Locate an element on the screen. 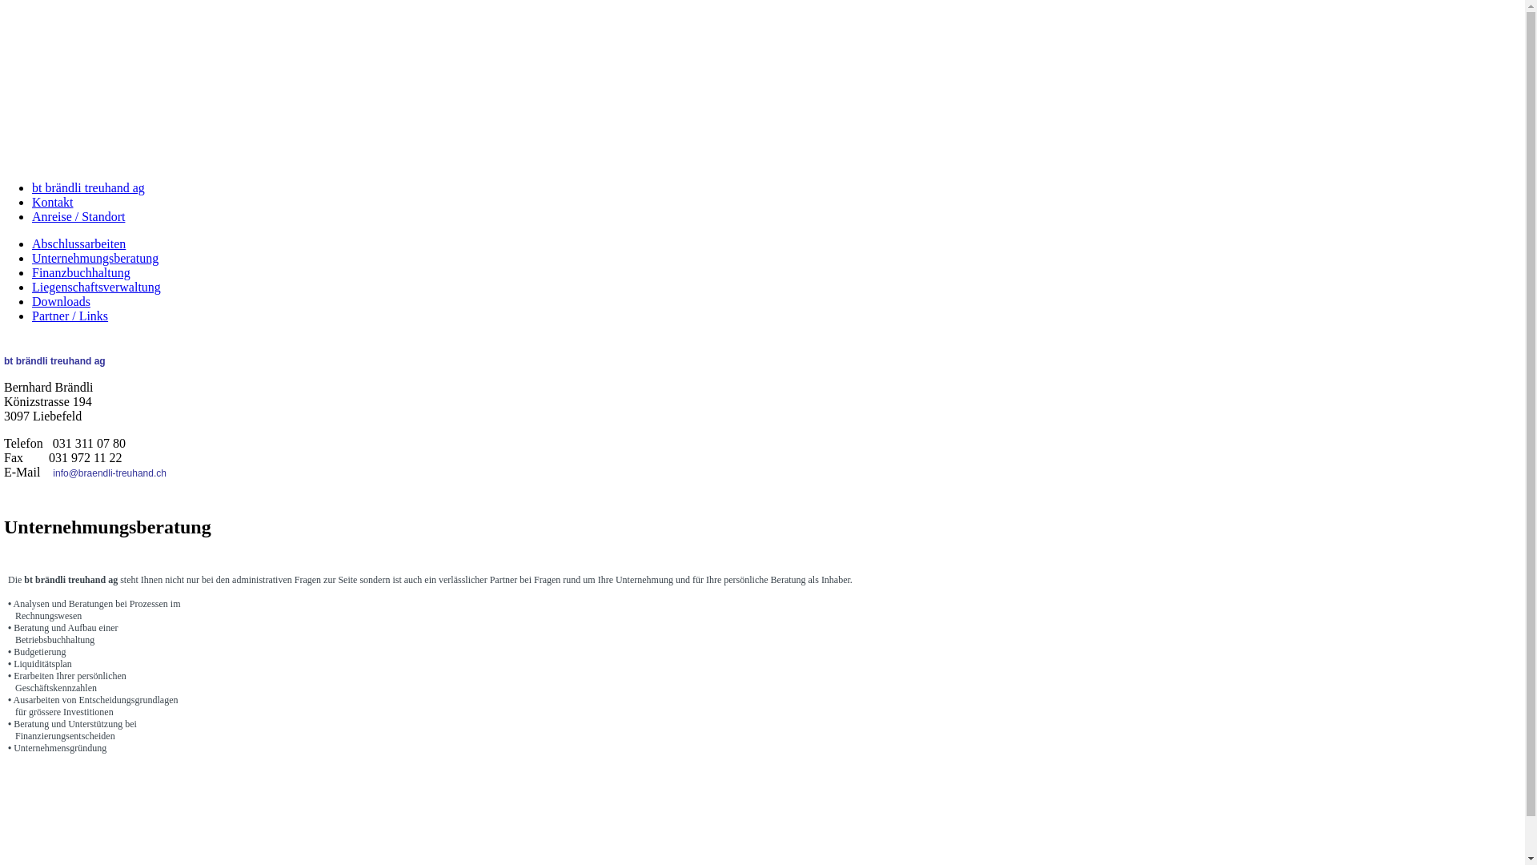 The image size is (1537, 865). 'Liegenschaftsverwaltung' is located at coordinates (95, 286).